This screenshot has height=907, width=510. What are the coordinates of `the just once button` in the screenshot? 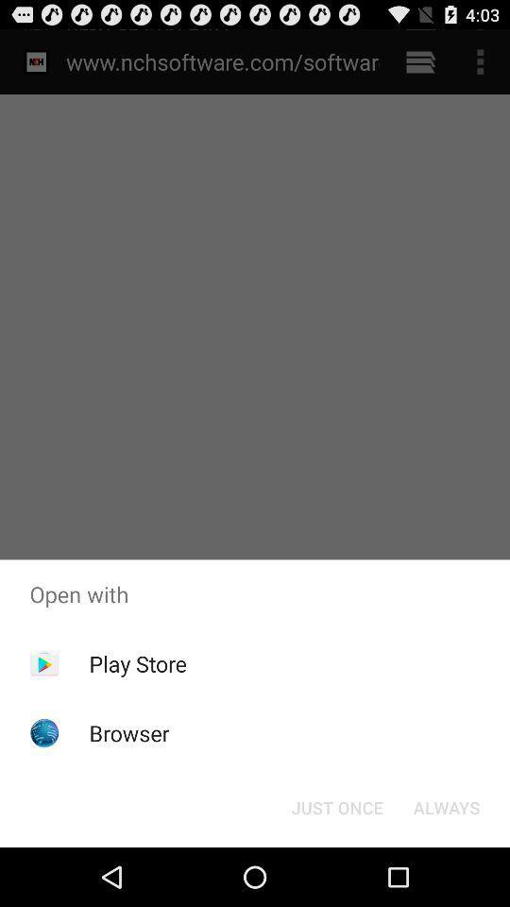 It's located at (336, 806).